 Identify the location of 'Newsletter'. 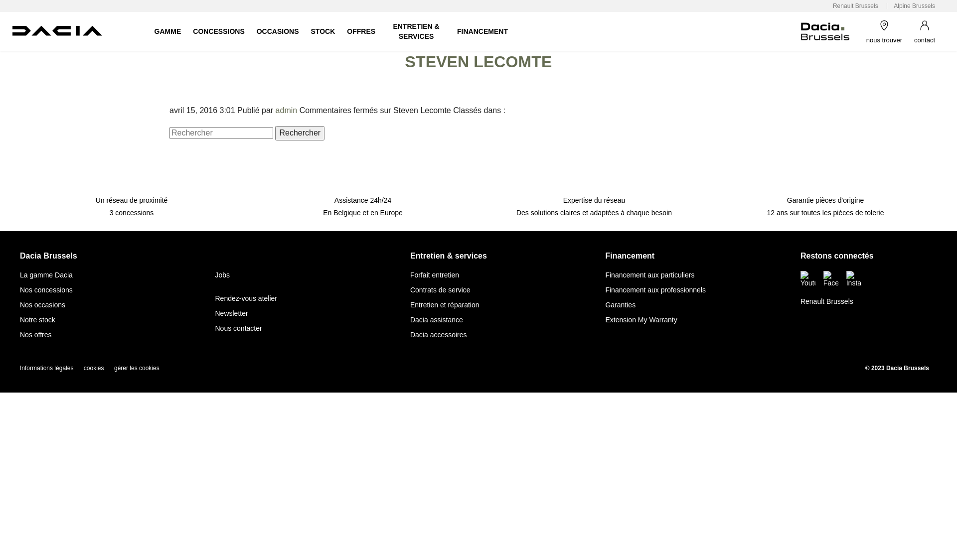
(231, 312).